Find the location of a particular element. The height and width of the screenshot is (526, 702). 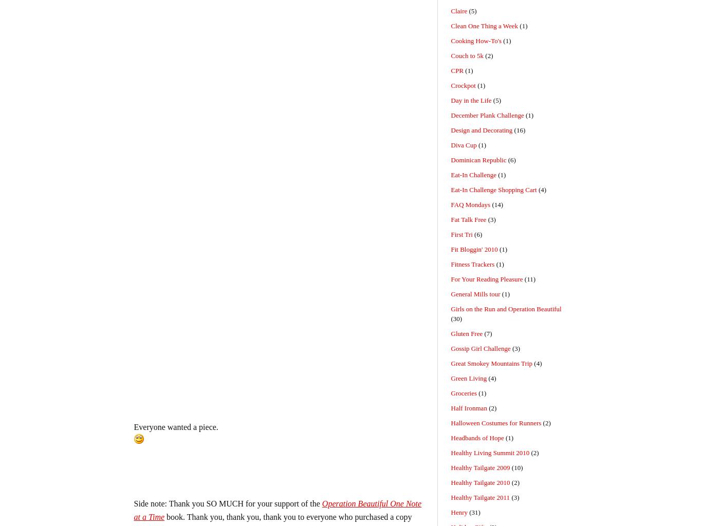

'Healthy Tailgate 2009' is located at coordinates (480, 467).